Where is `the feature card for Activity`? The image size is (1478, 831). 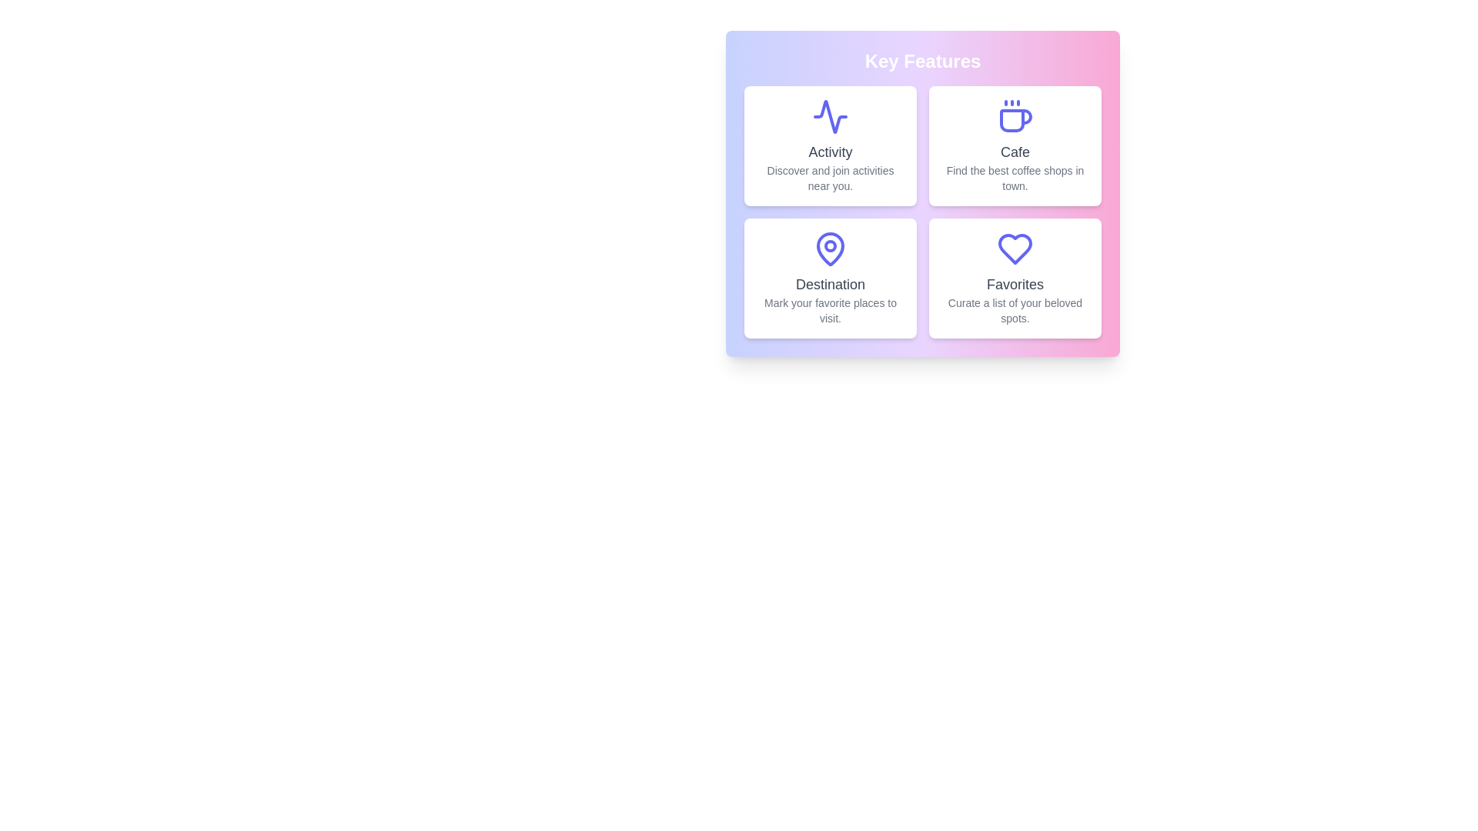
the feature card for Activity is located at coordinates (830, 145).